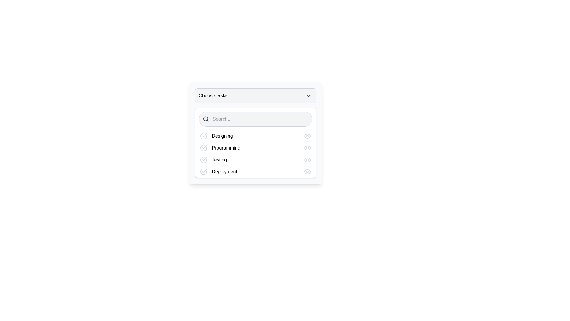 Image resolution: width=570 pixels, height=321 pixels. What do you see at coordinates (205, 147) in the screenshot?
I see `the checkmark icon within the circular outline, located on the right side of the 'Programming' label in the selectable list card` at bounding box center [205, 147].